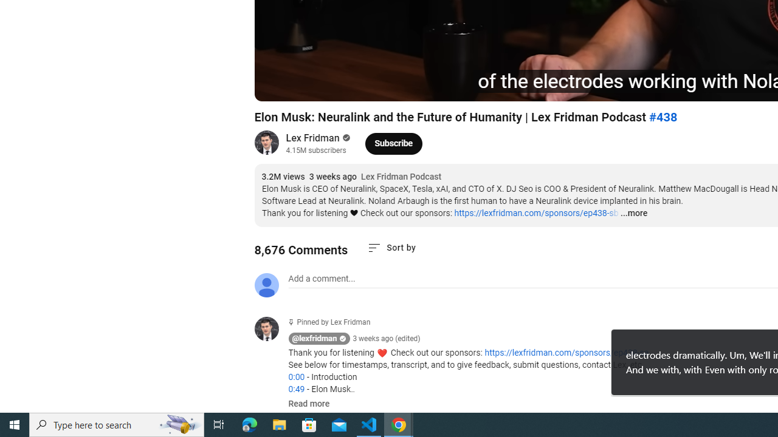 The width and height of the screenshot is (778, 437). What do you see at coordinates (296, 376) in the screenshot?
I see `'0:00'` at bounding box center [296, 376].